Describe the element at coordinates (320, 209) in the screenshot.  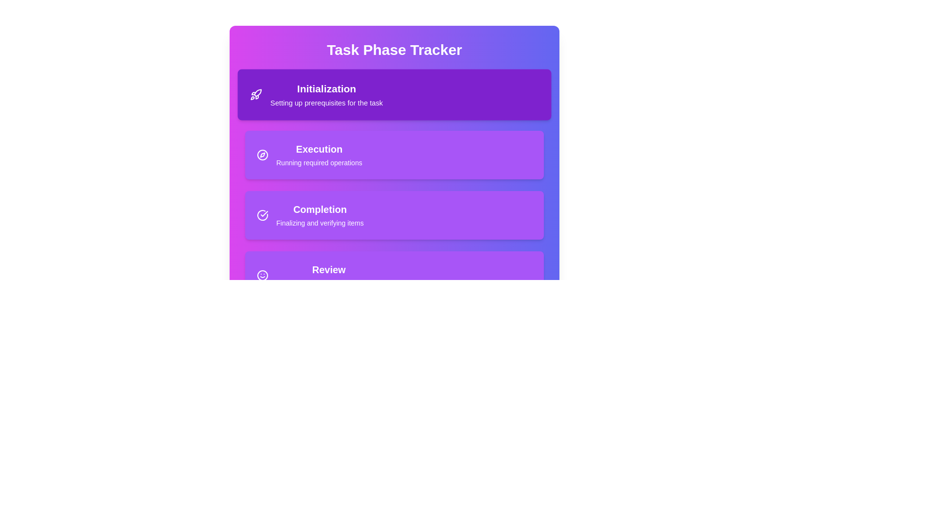
I see `the 'Completion' text label, which is the bold title in the third item of the task tracker module's vertical list of phases, located between 'Execution' and 'Review'` at that location.